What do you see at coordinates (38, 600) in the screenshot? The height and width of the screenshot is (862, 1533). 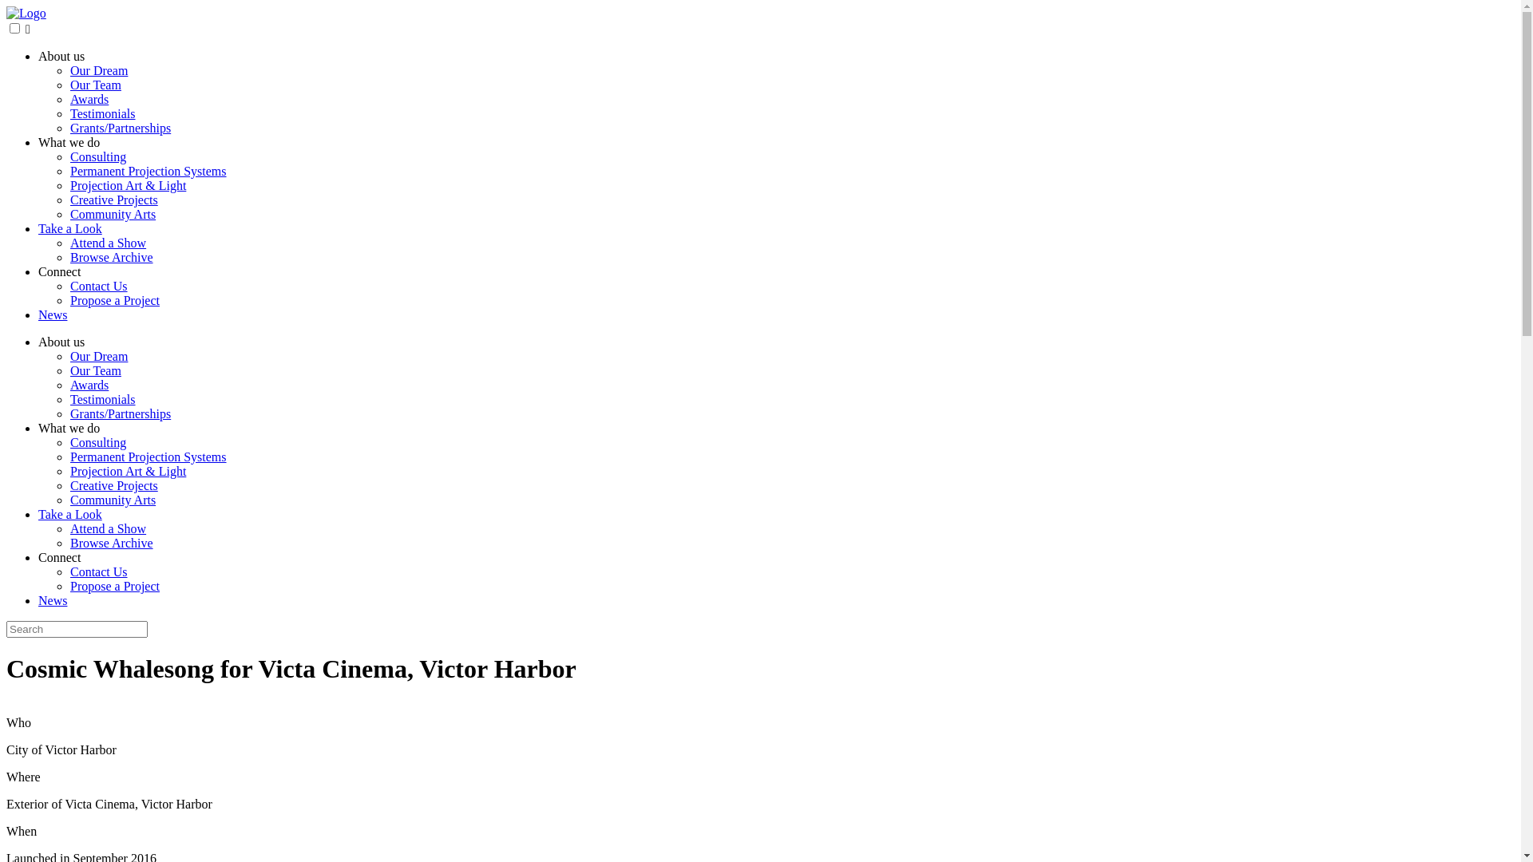 I see `'News'` at bounding box center [38, 600].